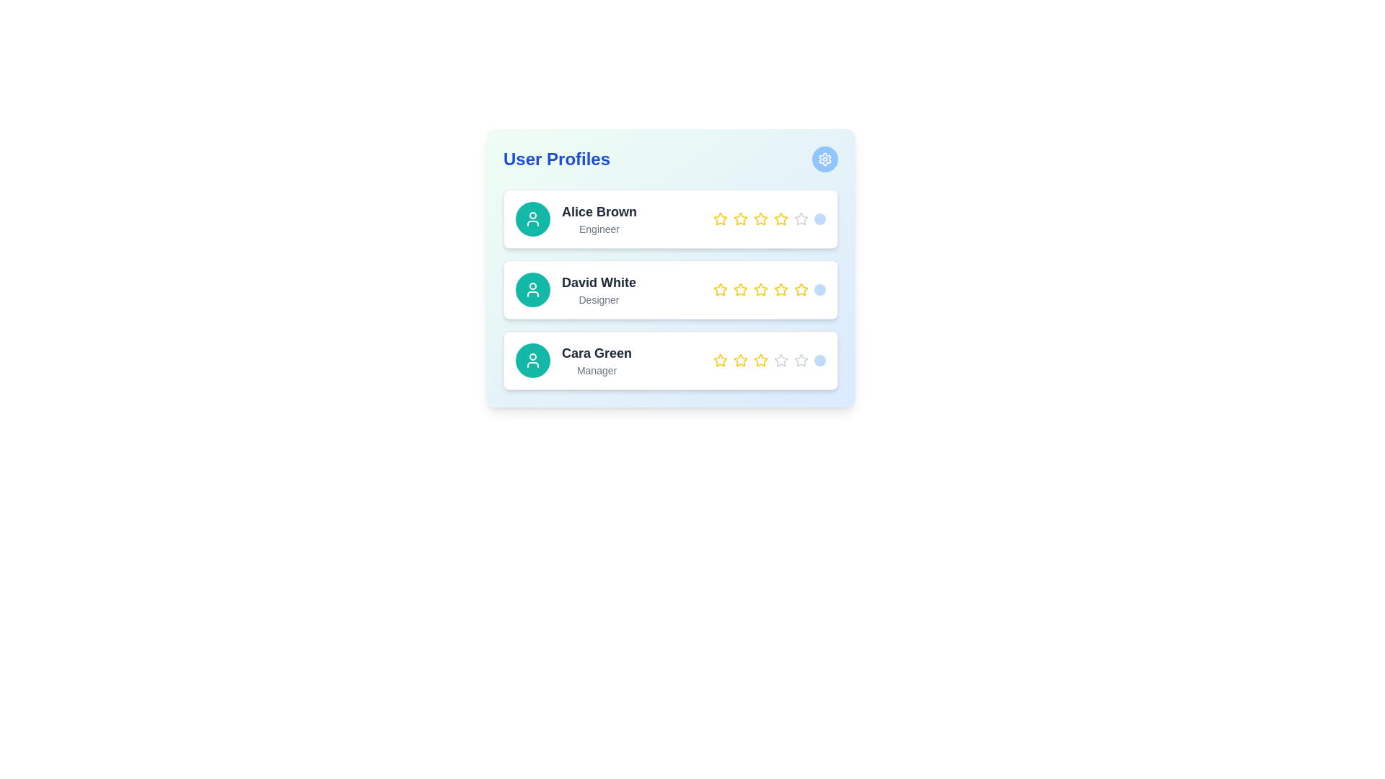 The width and height of the screenshot is (1385, 779). I want to click on the leftmost star-shaped icon (yellow fill with subtle border) in the rating system under the 'David White' profile, so click(720, 289).